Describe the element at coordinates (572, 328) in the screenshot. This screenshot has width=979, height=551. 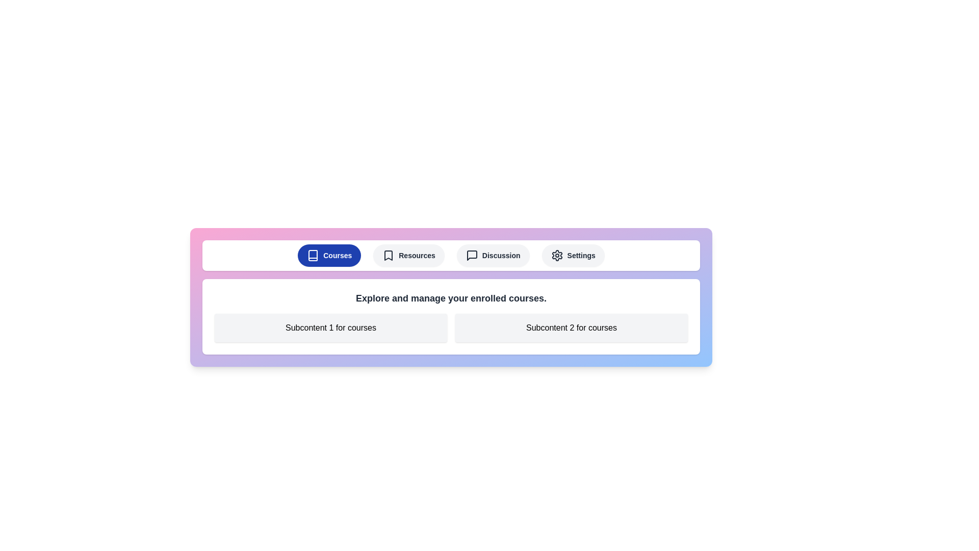
I see `the static display box located in the bottom portion of the interface, which is the second element in a grid layout, to change its background color` at that location.